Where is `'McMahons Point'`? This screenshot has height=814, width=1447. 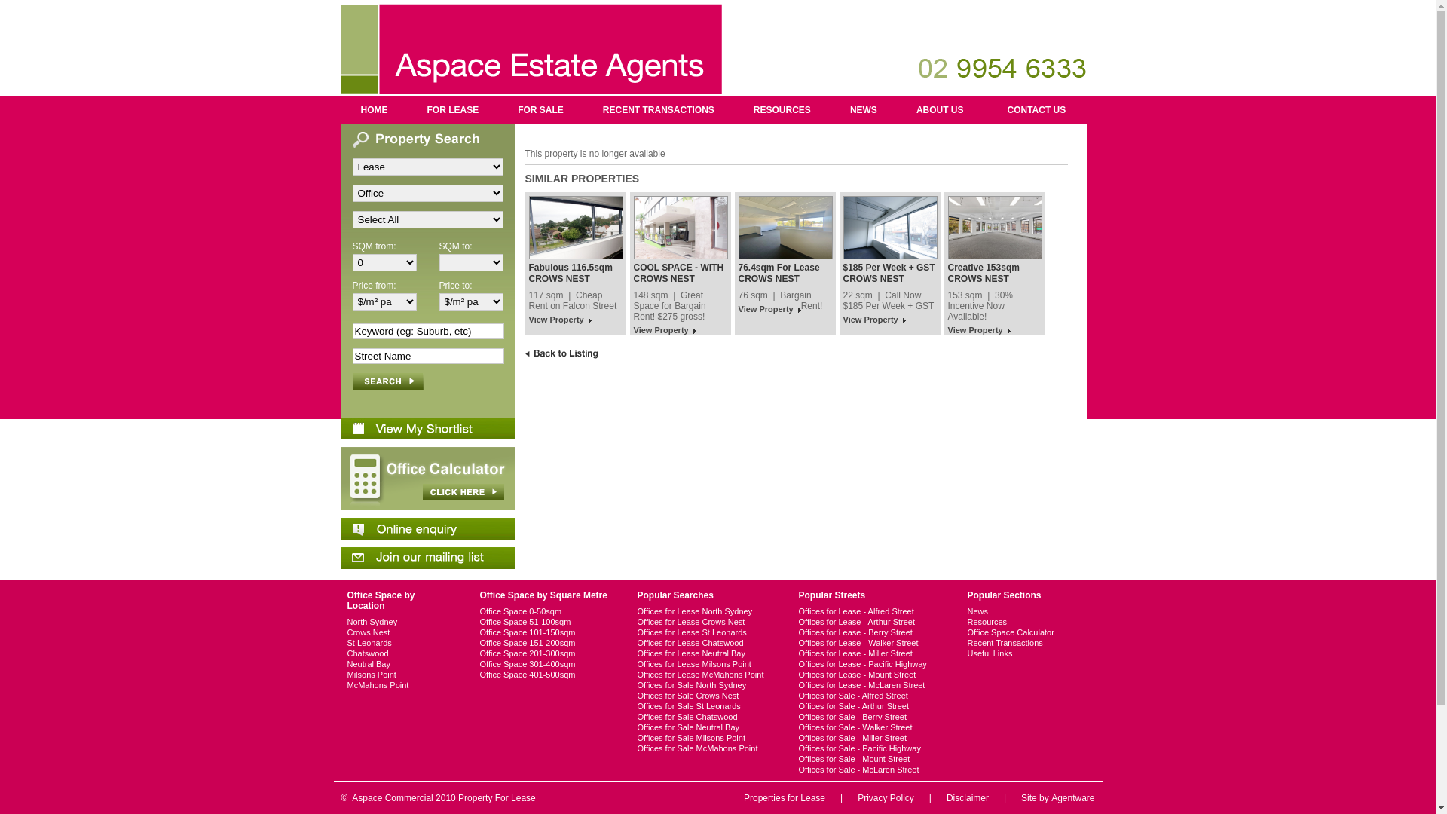 'McMahons Point' is located at coordinates (400, 685).